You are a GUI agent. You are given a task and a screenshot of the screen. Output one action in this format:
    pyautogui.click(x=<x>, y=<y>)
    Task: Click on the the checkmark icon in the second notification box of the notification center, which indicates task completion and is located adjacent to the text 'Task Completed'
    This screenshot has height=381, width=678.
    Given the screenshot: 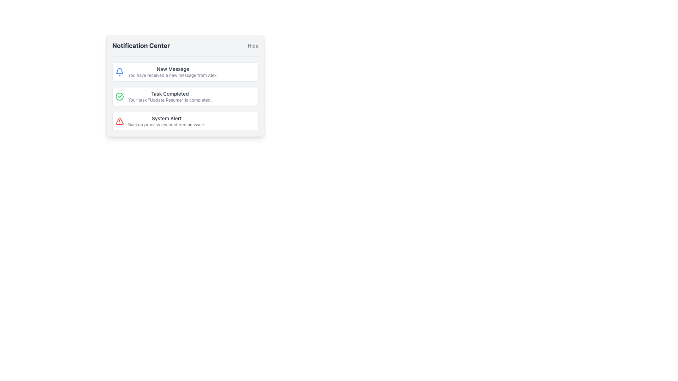 What is the action you would take?
    pyautogui.click(x=121, y=95)
    